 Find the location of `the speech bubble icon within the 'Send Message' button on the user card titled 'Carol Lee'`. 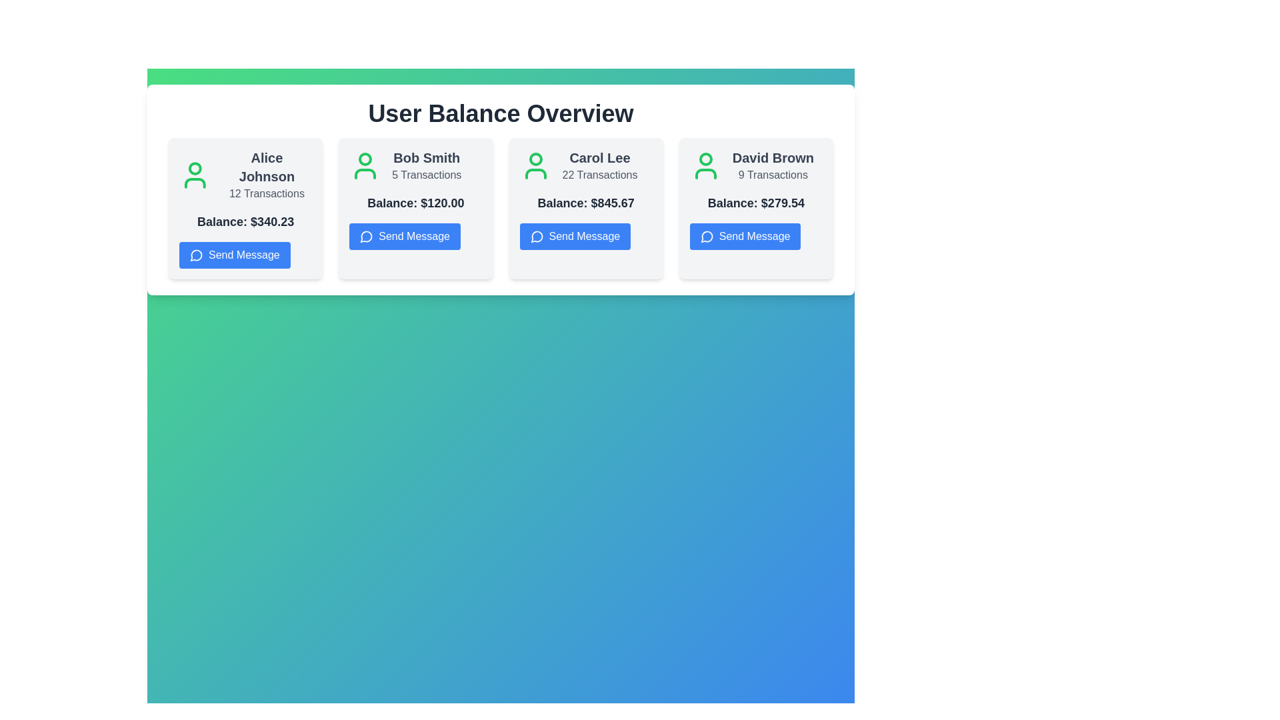

the speech bubble icon within the 'Send Message' button on the user card titled 'Carol Lee' is located at coordinates (537, 236).